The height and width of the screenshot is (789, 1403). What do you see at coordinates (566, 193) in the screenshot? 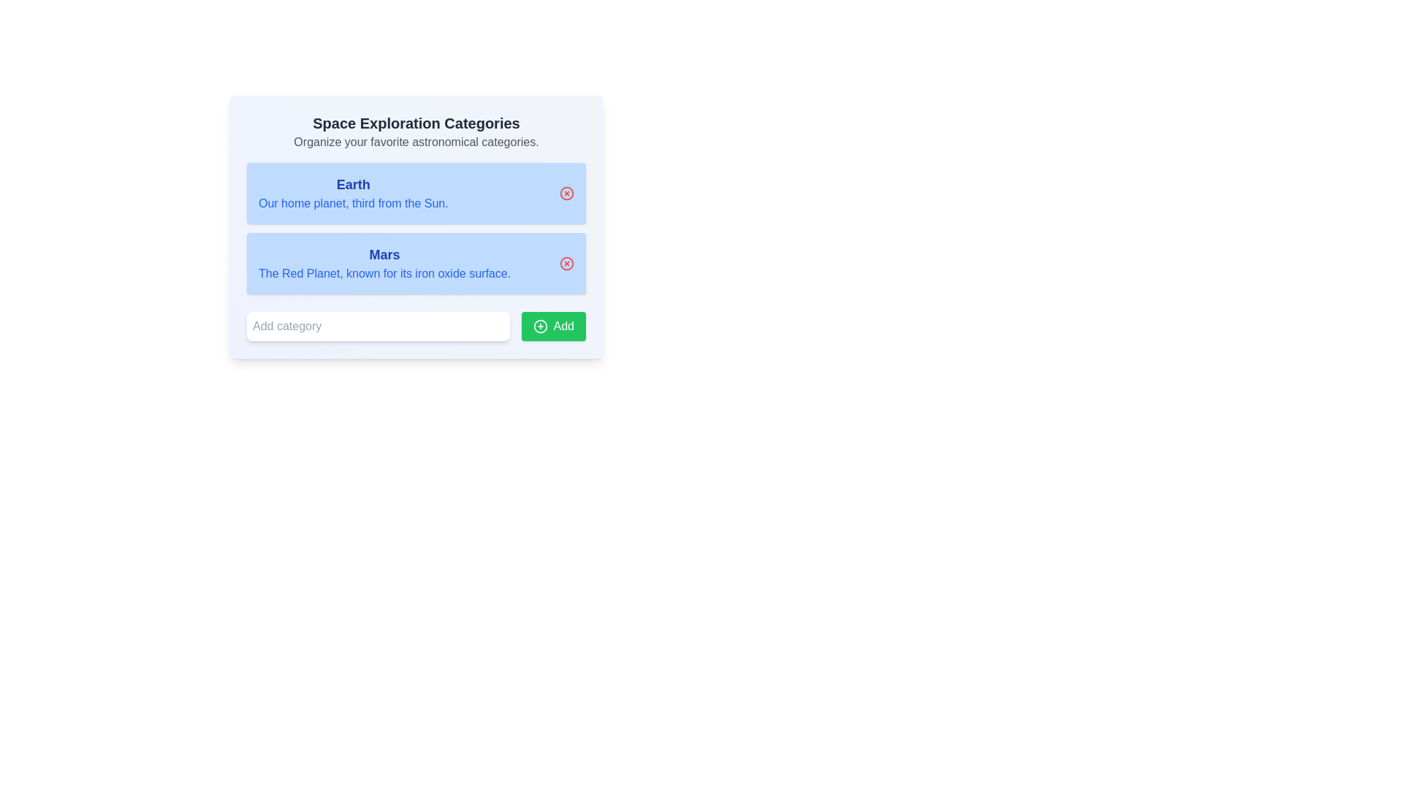
I see `the graphical icon control located at the right end inside the panel associated with 'Earth' in the space exploration categories list` at bounding box center [566, 193].